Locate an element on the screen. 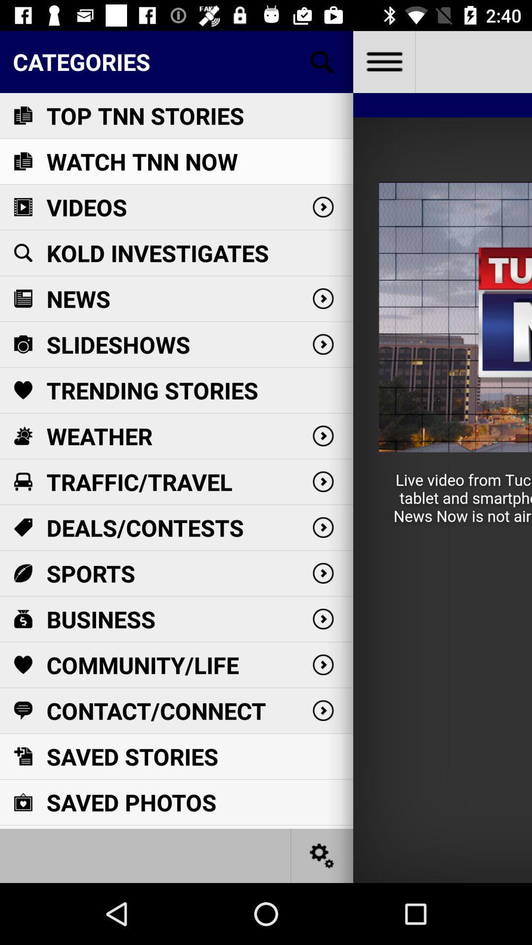 This screenshot has width=532, height=945. the menu icon is located at coordinates (383, 61).